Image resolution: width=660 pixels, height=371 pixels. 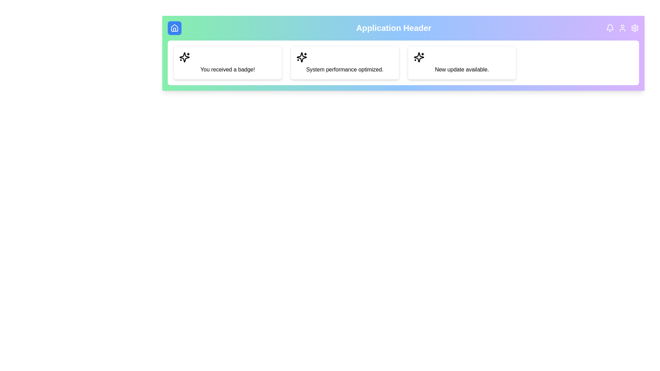 What do you see at coordinates (635, 27) in the screenshot?
I see `the Settings button located at the top-right corner of the EnhancedAppBar` at bounding box center [635, 27].